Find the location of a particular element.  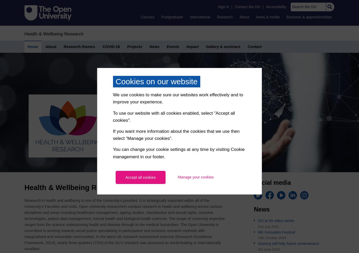

'Home' is located at coordinates (32, 46).